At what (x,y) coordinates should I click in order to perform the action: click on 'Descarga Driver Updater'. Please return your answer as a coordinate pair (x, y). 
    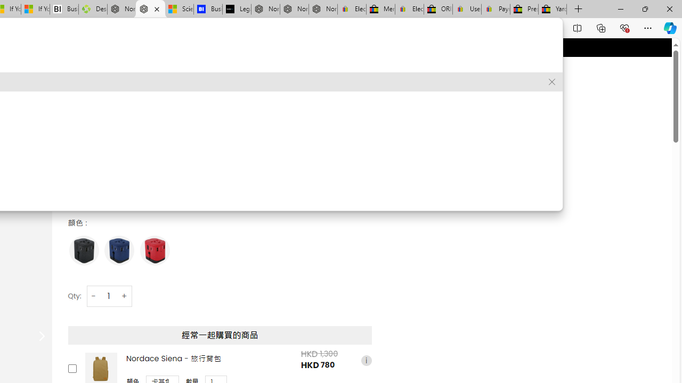
    Looking at the image, I should click on (93, 9).